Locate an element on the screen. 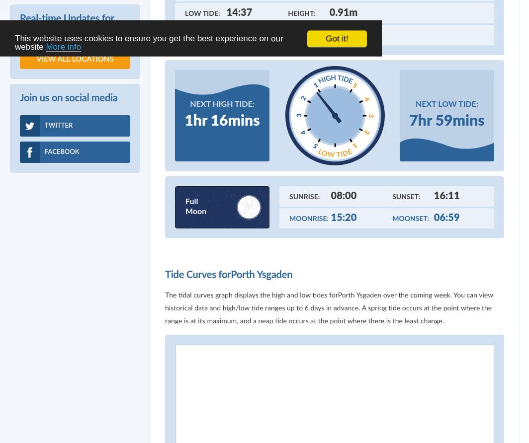 Image resolution: width=529 pixels, height=443 pixels. 'Twitter' is located at coordinates (58, 126).